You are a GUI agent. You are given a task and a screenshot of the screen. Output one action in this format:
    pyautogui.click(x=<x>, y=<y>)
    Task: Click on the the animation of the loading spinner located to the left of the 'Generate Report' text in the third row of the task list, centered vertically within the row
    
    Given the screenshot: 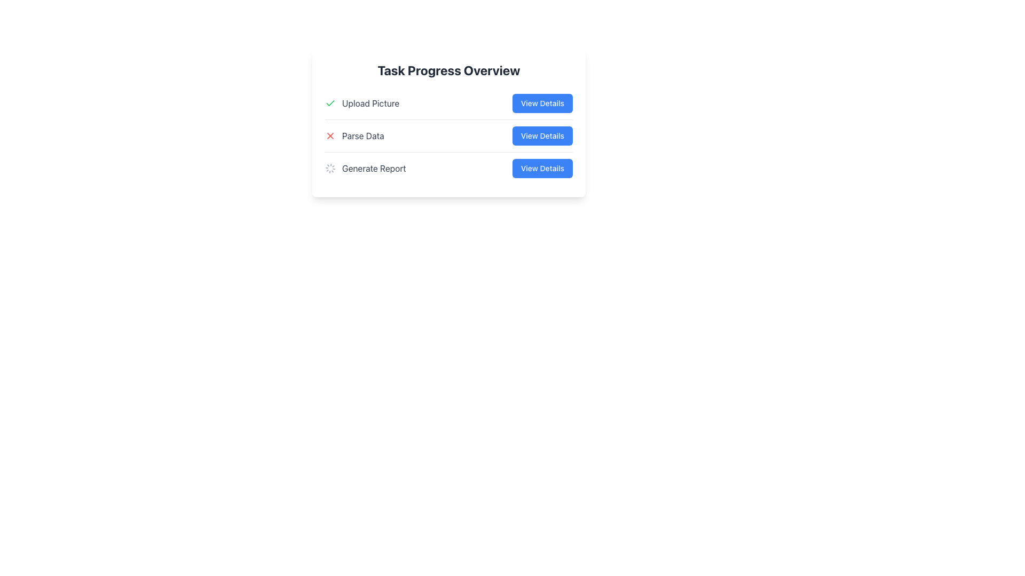 What is the action you would take?
    pyautogui.click(x=330, y=168)
    